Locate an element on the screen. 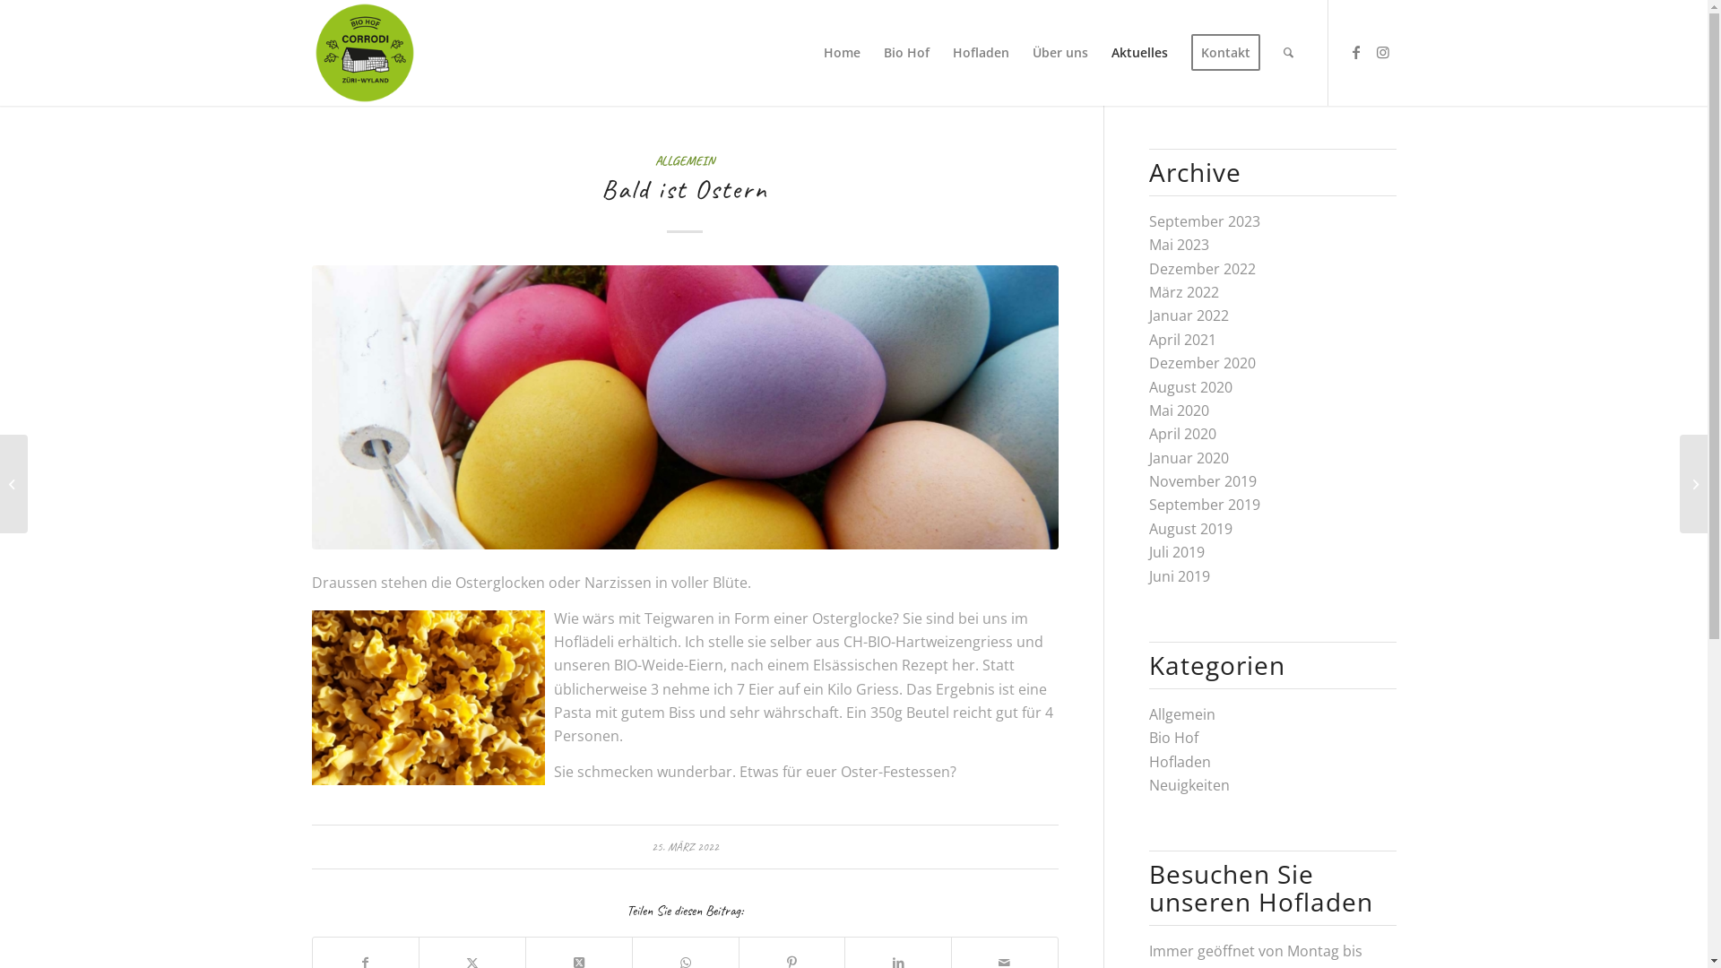 This screenshot has height=968, width=1721. 'Juli 2019' is located at coordinates (1148, 551).